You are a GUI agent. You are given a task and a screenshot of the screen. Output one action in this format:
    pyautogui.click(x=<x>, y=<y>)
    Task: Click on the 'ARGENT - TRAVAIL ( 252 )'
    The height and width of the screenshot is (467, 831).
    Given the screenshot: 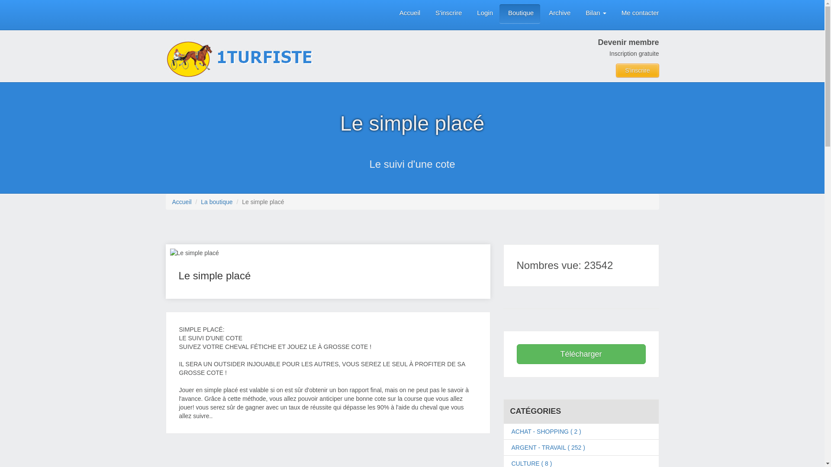 What is the action you would take?
    pyautogui.click(x=548, y=447)
    